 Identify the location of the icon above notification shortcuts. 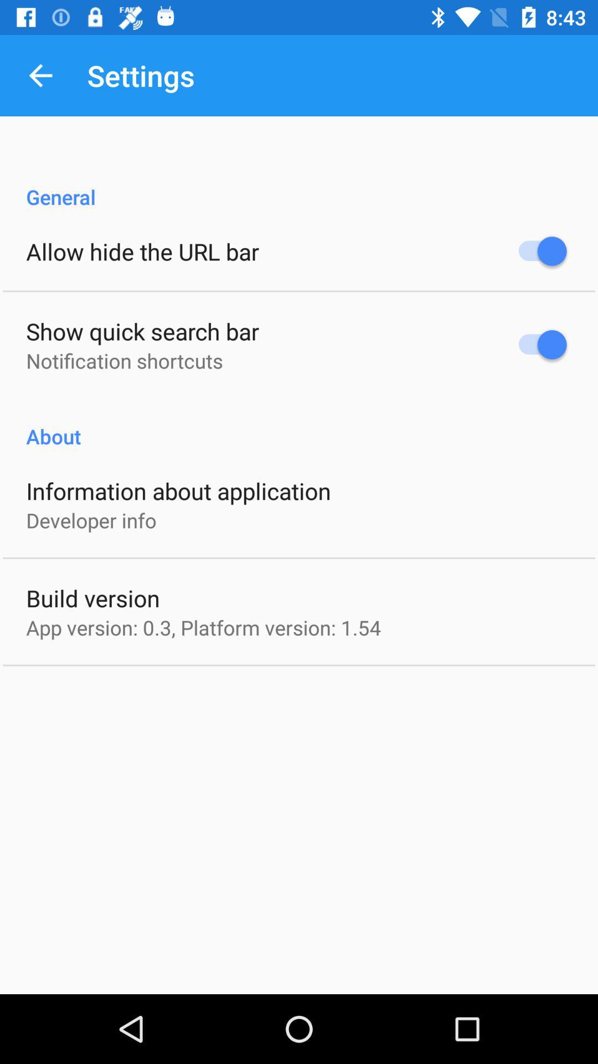
(142, 330).